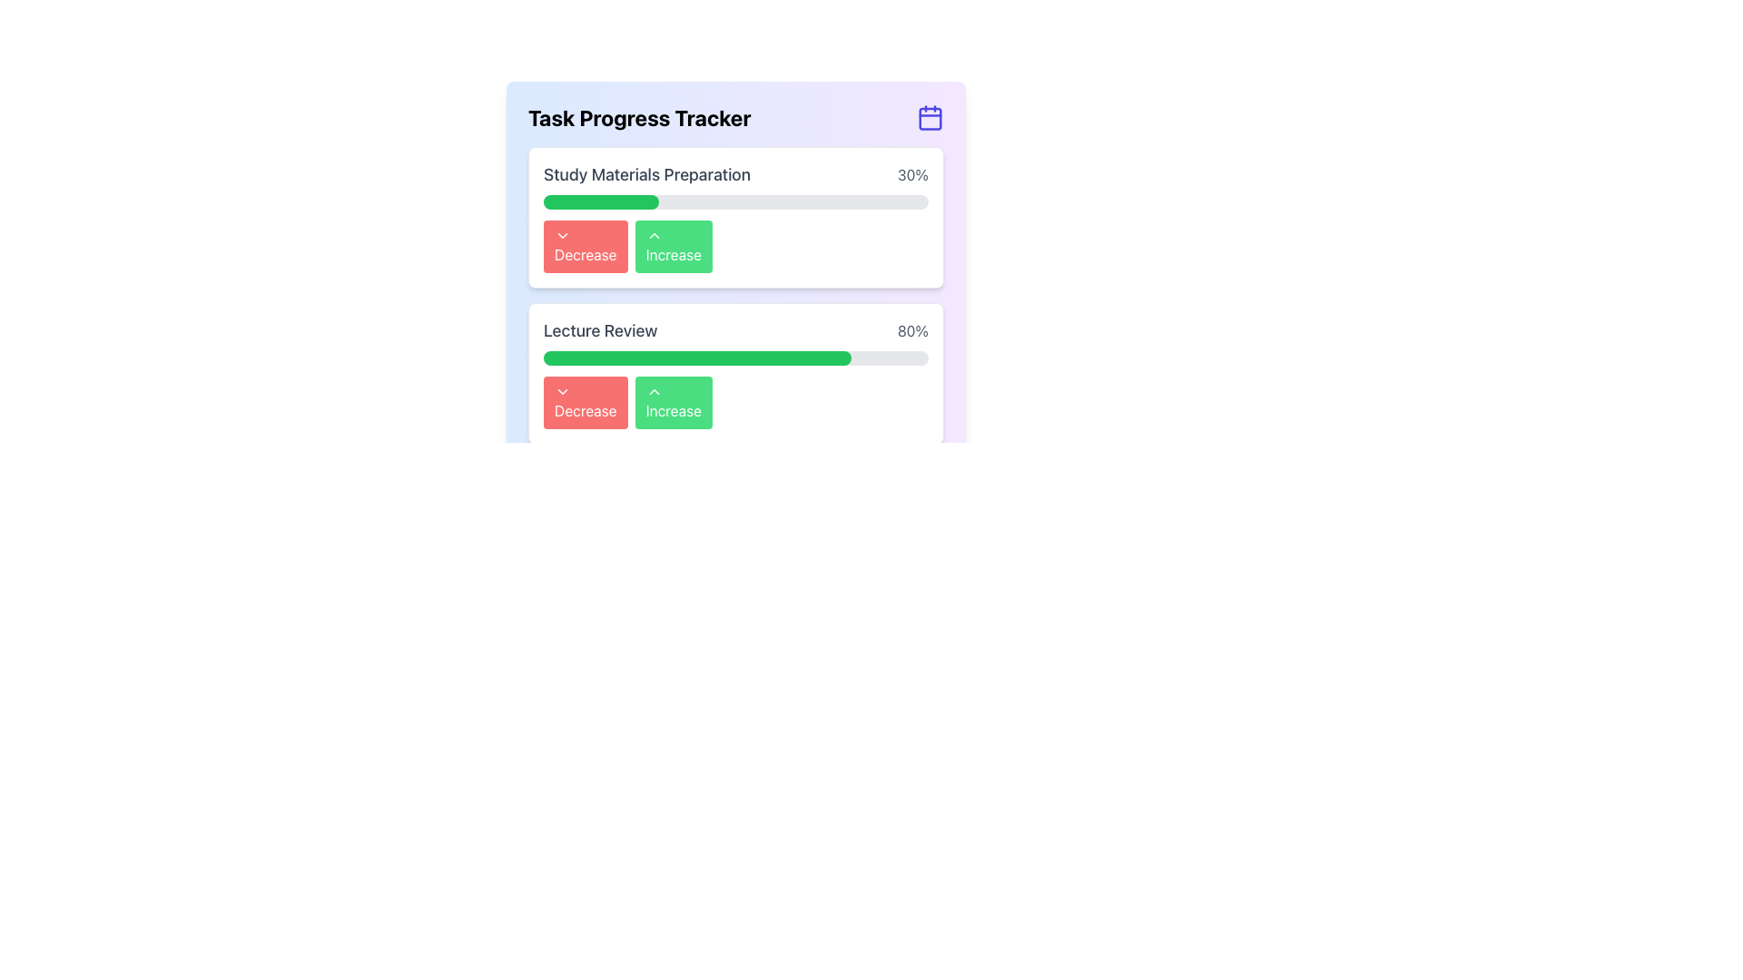 This screenshot has height=980, width=1743. I want to click on the Progress Indicator (Bar) that visually displays 80% completion of the 'Lecture Review' task, located inside the second progress bar labeled 'Lecture Review', so click(696, 358).